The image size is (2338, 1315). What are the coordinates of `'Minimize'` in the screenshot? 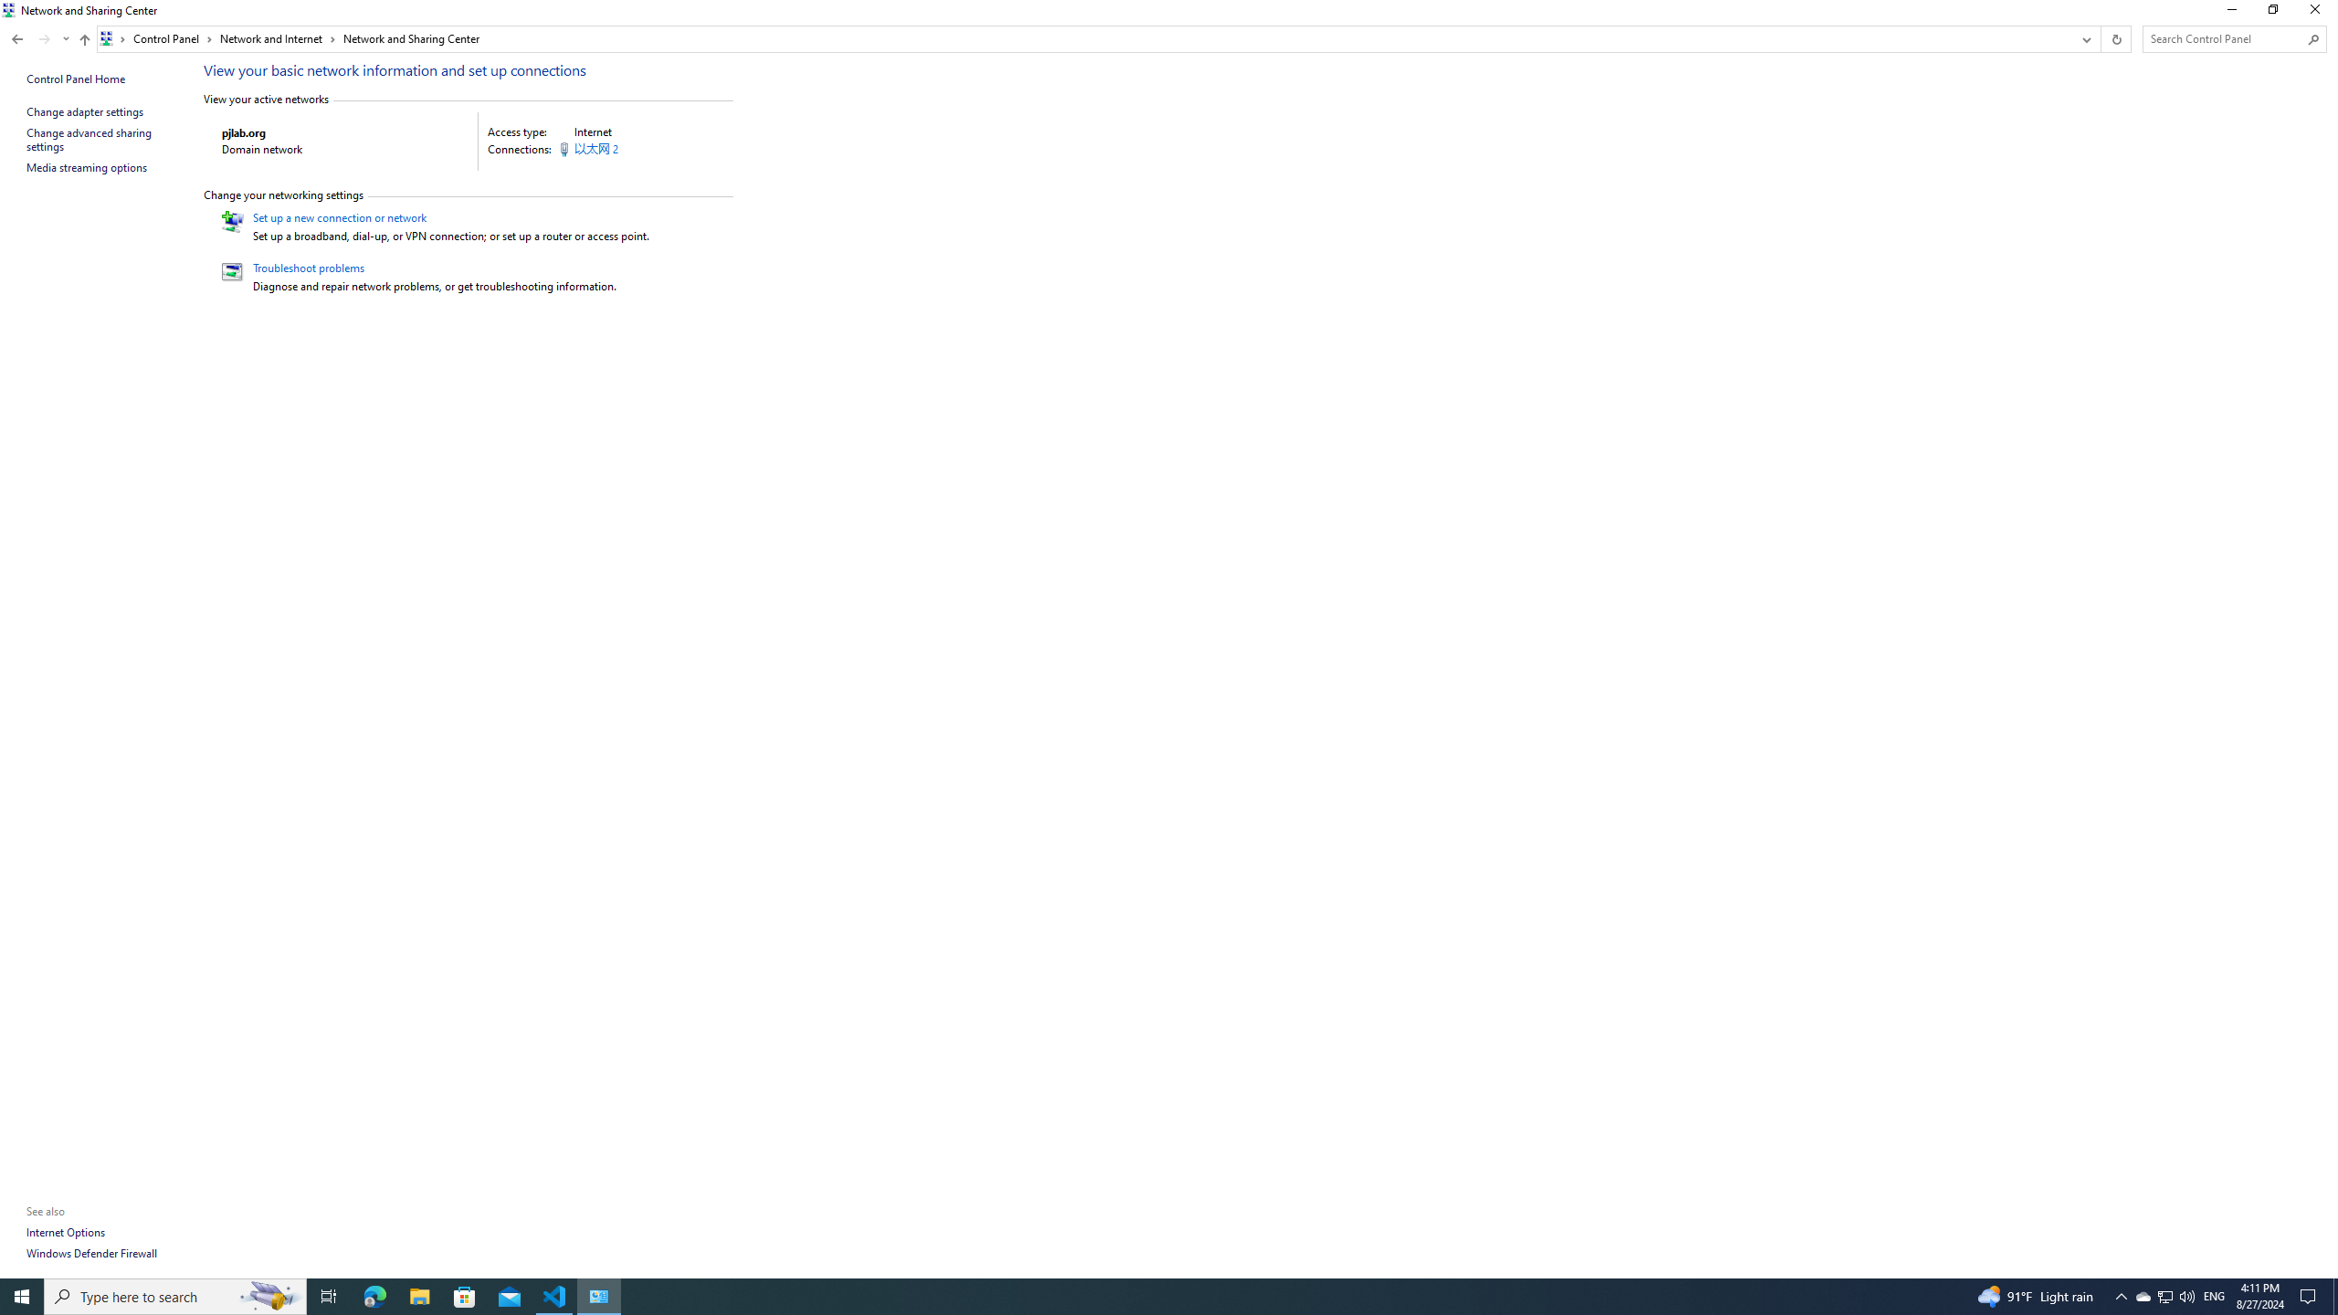 It's located at (2229, 14).